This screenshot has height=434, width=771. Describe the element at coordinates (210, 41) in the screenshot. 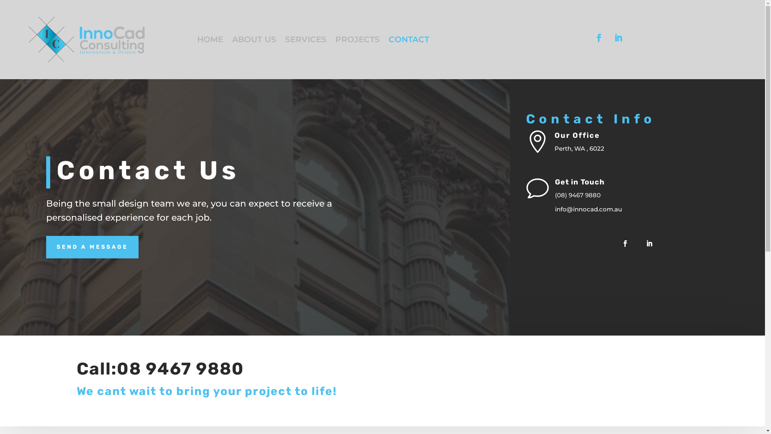

I see `'HOME'` at that location.